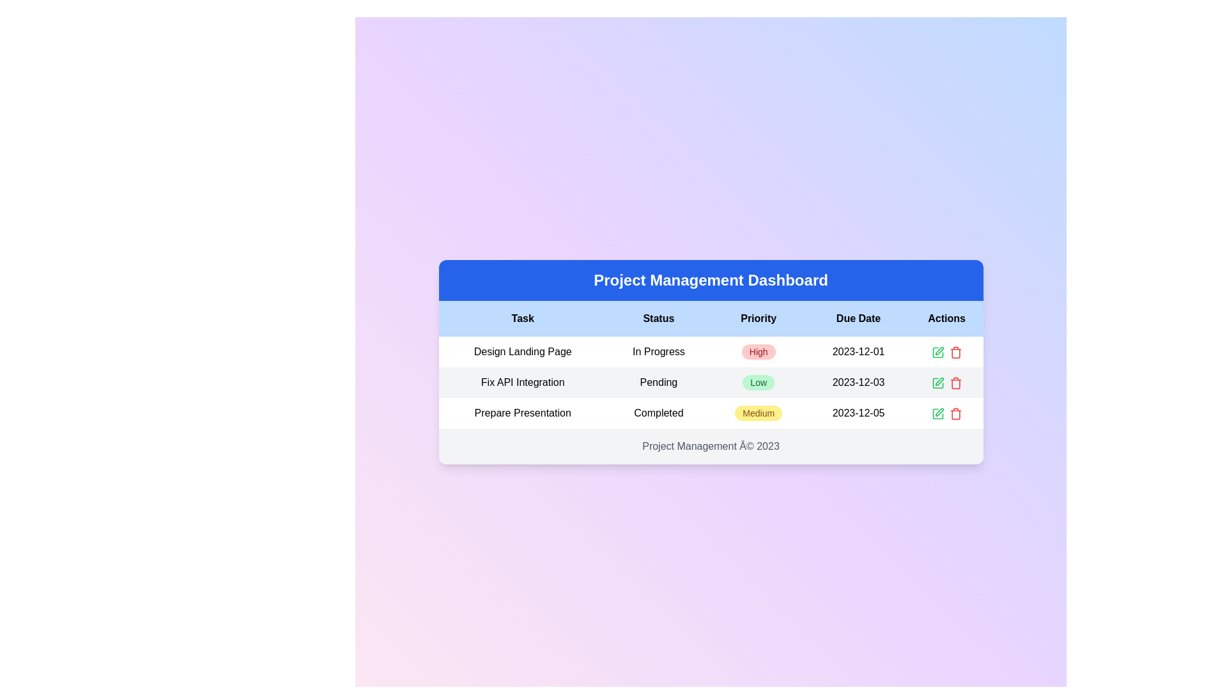  Describe the element at coordinates (523, 352) in the screenshot. I see `text from the label identifying the task named 'Design Landing Page' located in the first cell of the first data row under the 'Task' column` at that location.